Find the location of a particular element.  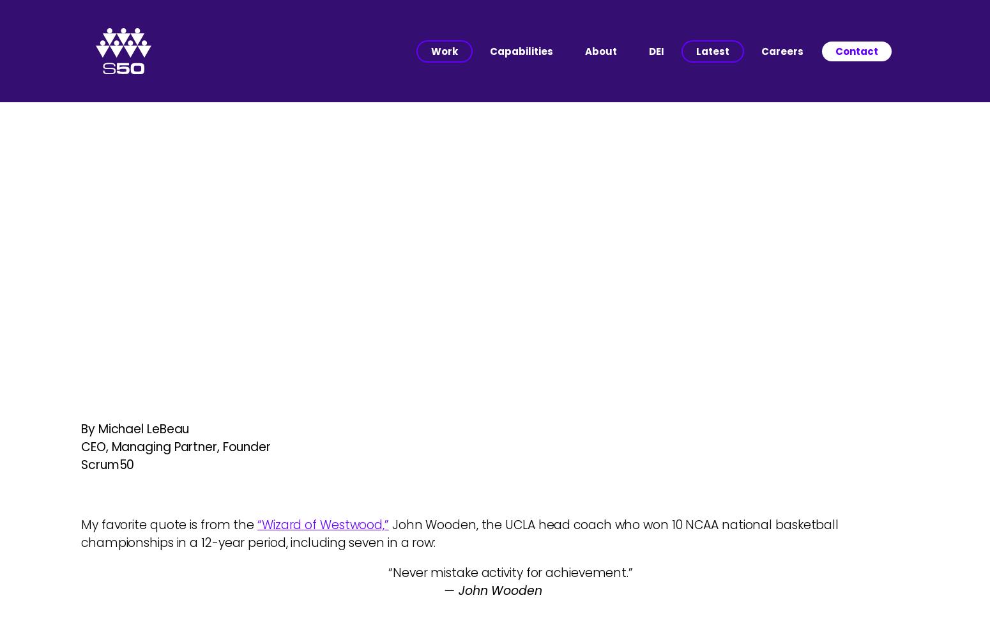

'“Never mistake activity for achievement.”' is located at coordinates (494, 573).